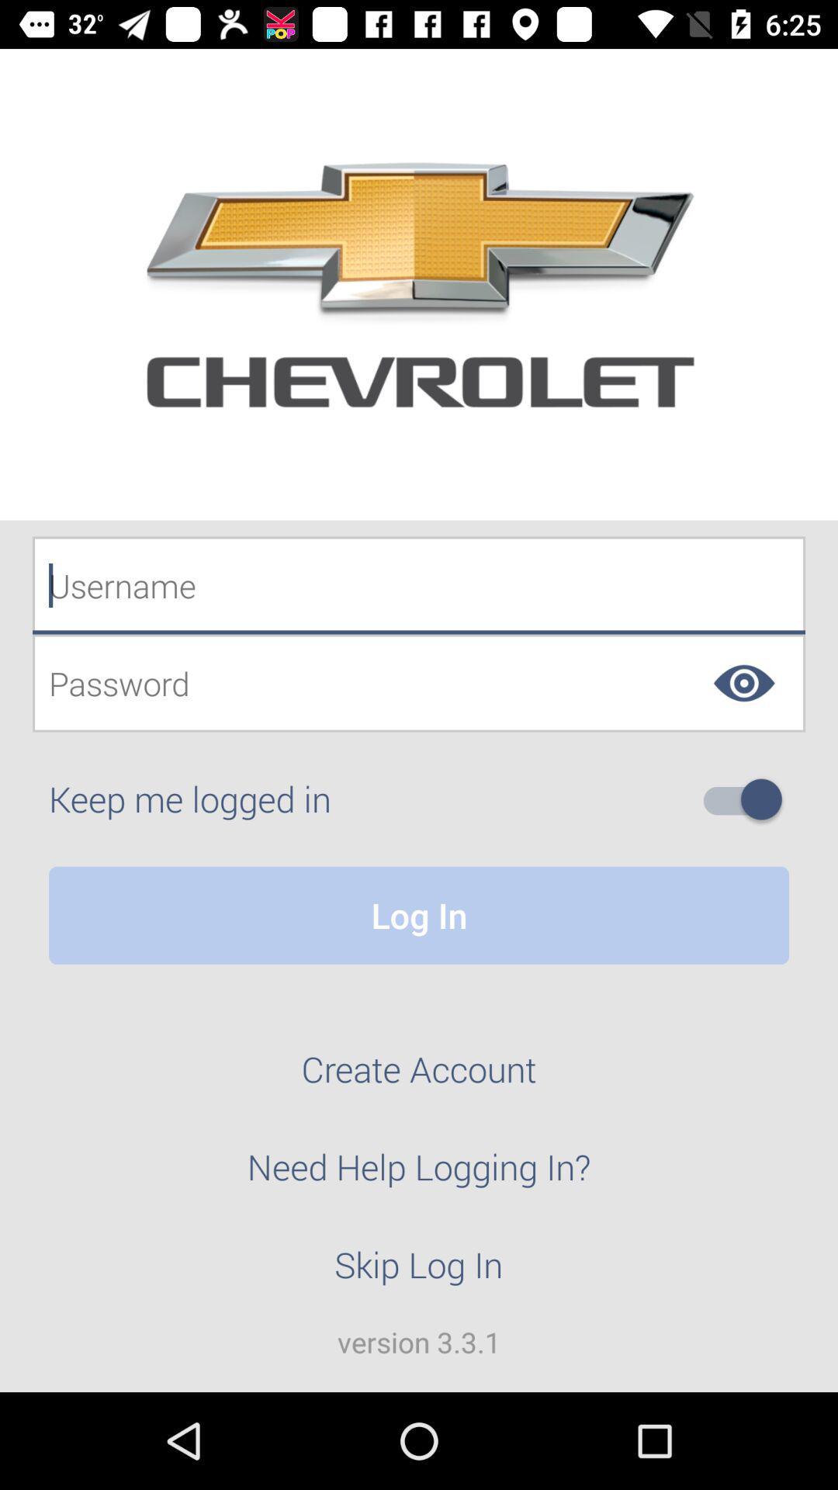 This screenshot has height=1490, width=838. Describe the element at coordinates (419, 1077) in the screenshot. I see `icon above the need help logging` at that location.